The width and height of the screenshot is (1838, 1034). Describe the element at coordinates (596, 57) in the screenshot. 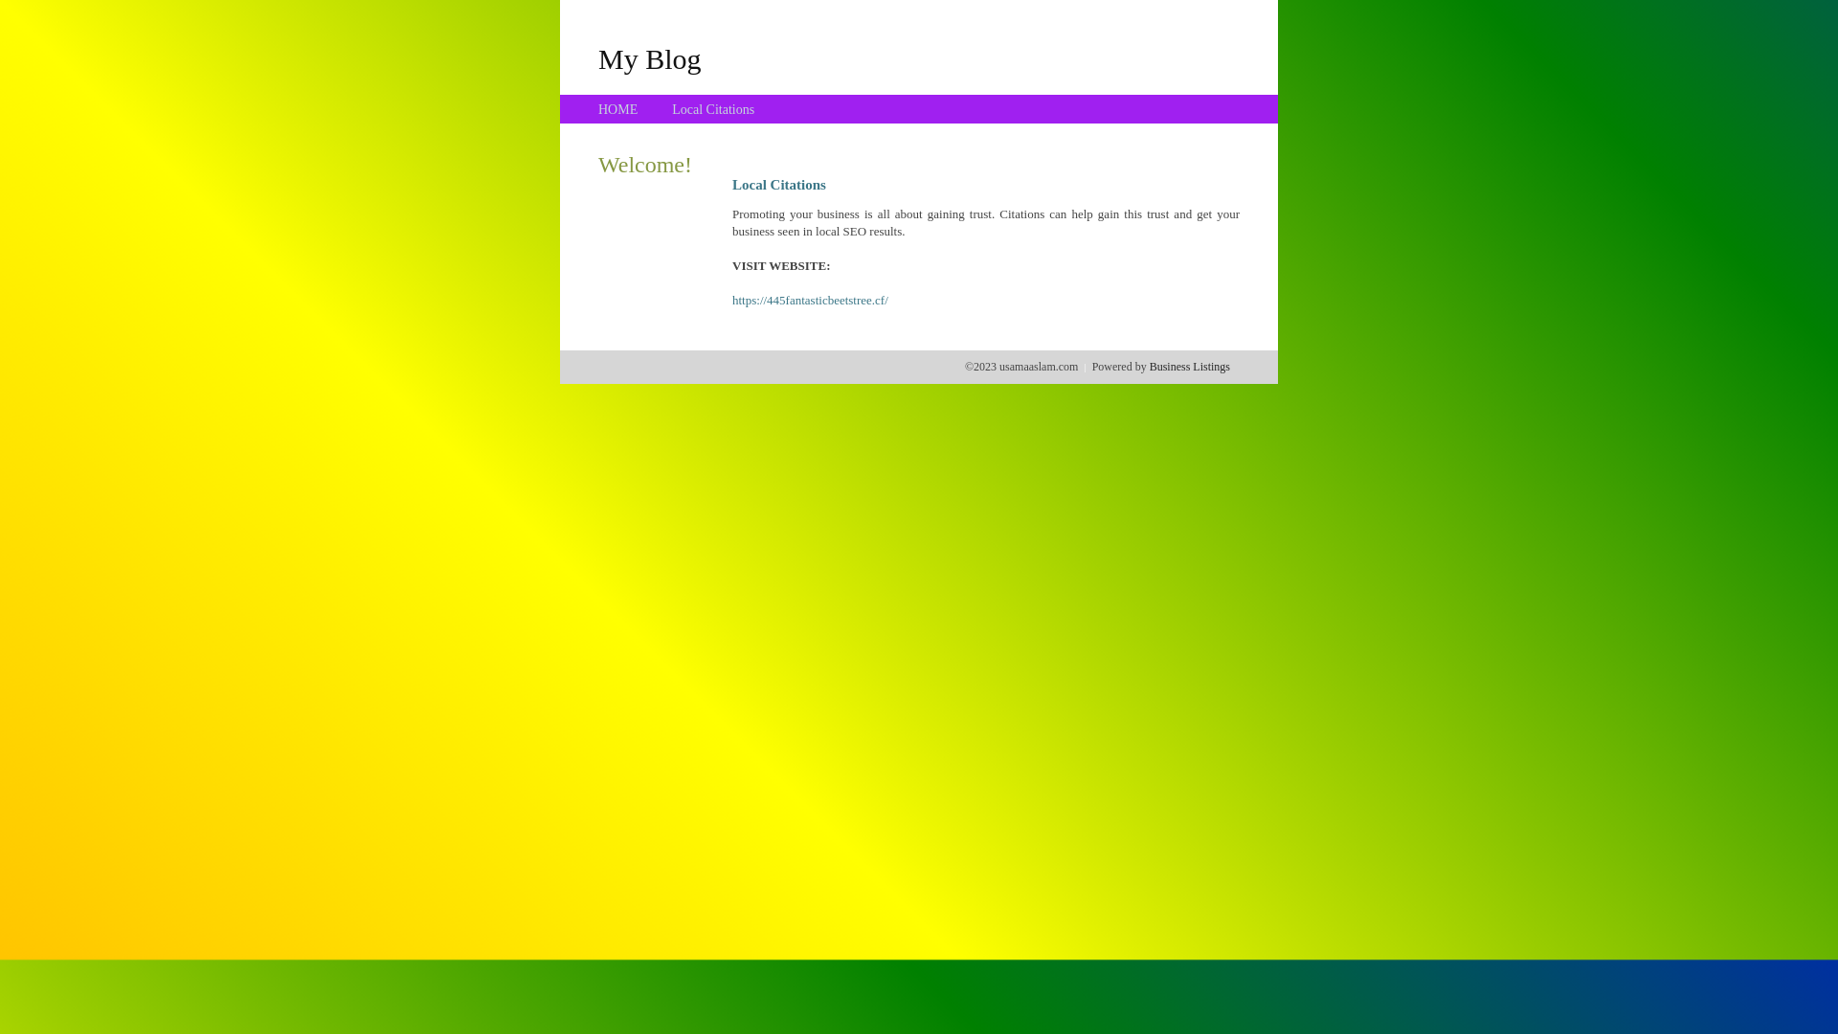

I see `'My Blog'` at that location.